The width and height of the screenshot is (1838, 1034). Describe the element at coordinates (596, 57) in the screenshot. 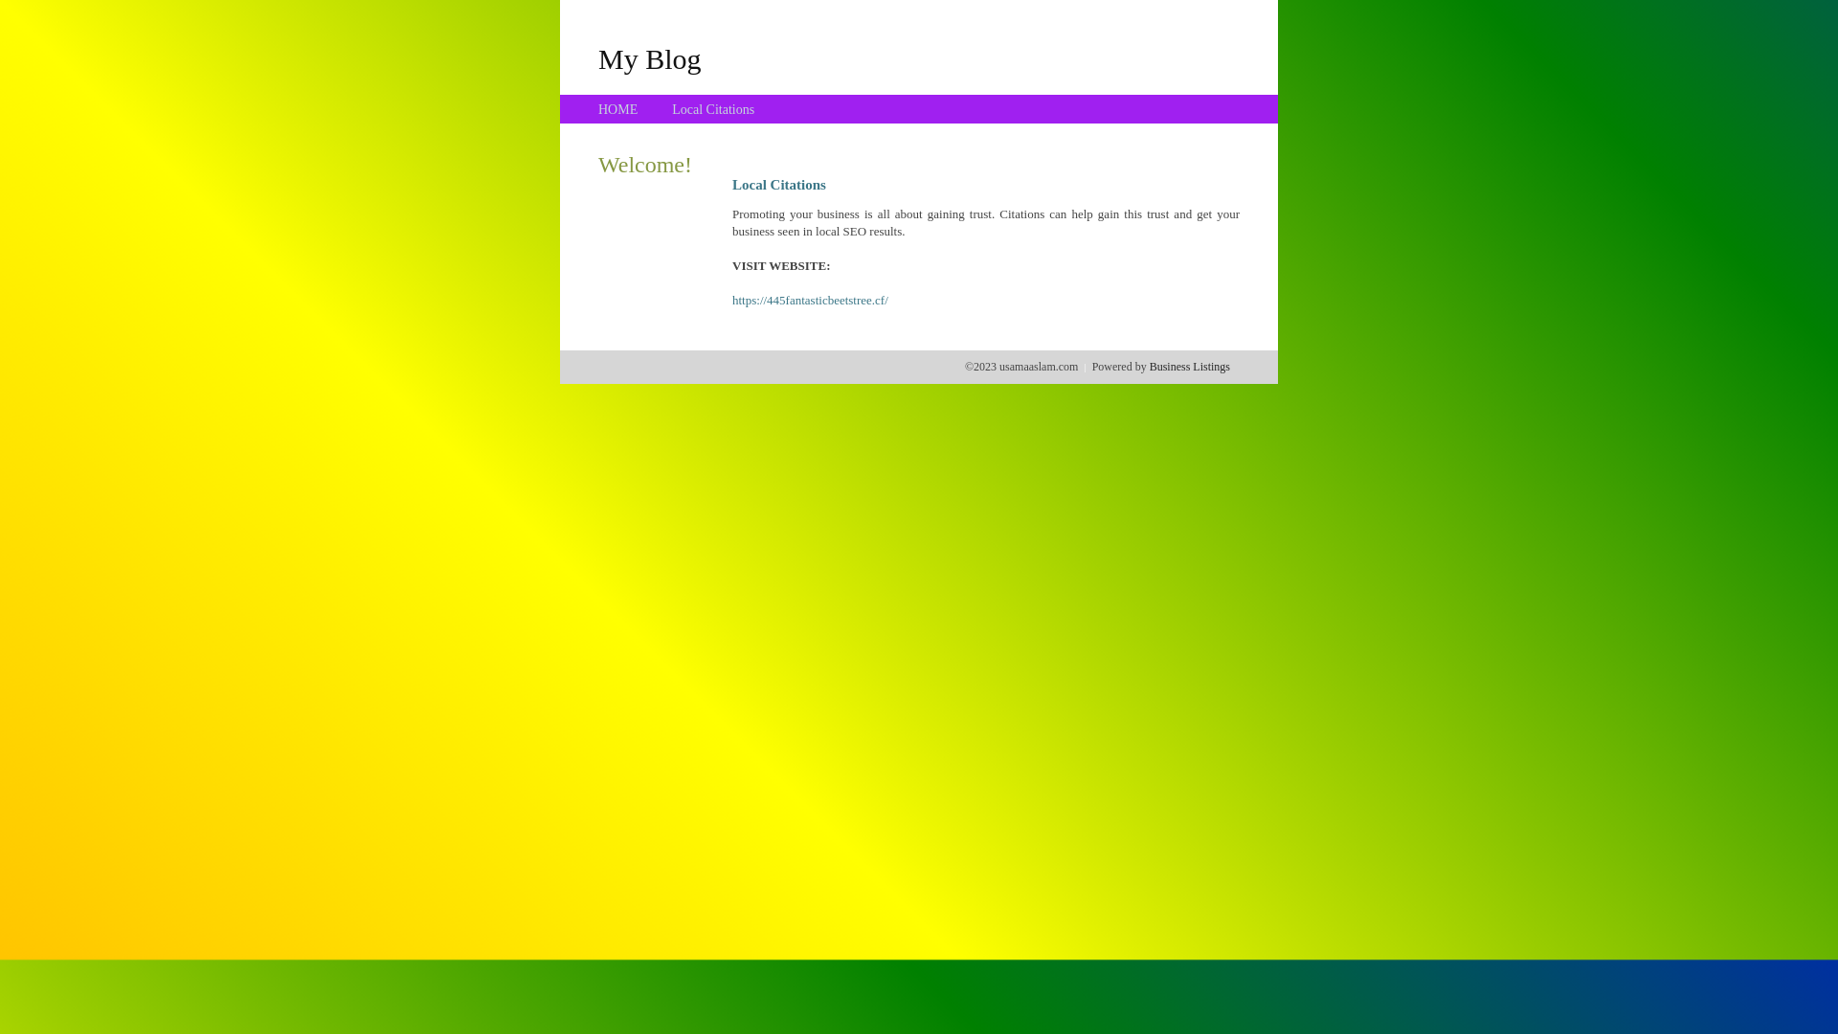

I see `'My Blog'` at that location.